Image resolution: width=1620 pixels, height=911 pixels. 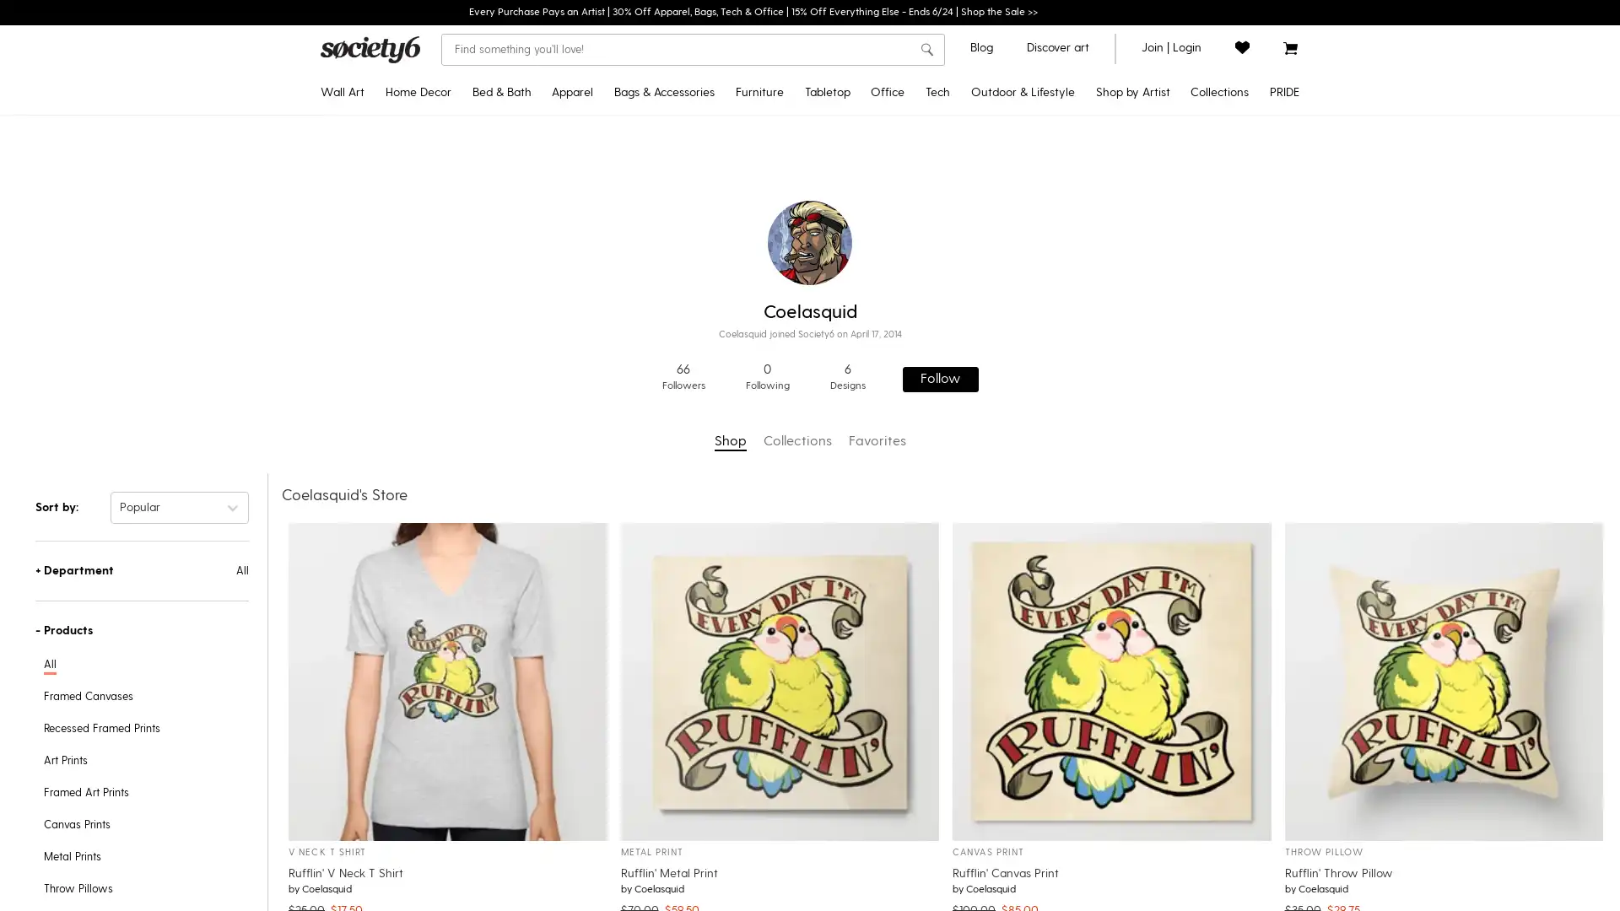 I want to click on iPhone Card Cases, so click(x=997, y=244).